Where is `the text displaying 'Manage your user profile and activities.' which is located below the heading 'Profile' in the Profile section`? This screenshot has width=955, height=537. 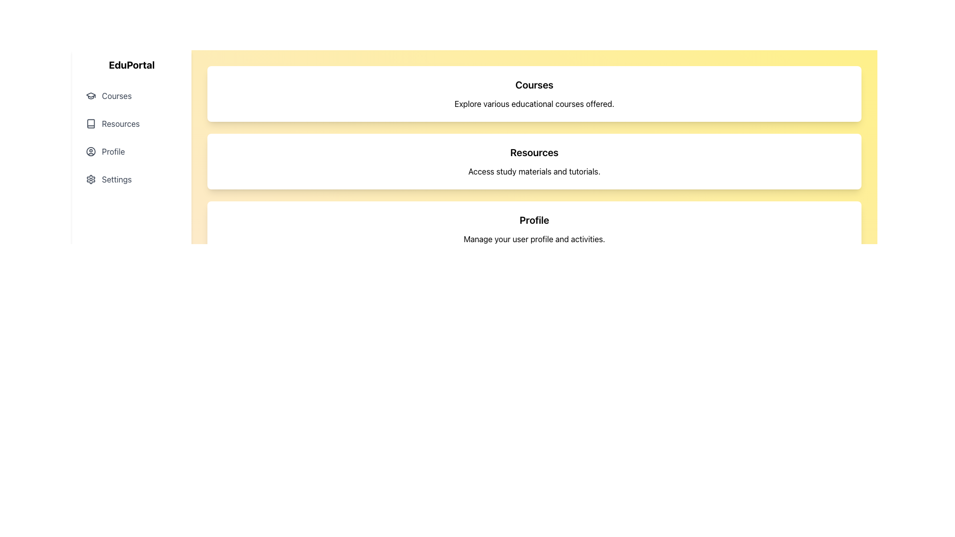
the text displaying 'Manage your user profile and activities.' which is located below the heading 'Profile' in the Profile section is located at coordinates (534, 239).